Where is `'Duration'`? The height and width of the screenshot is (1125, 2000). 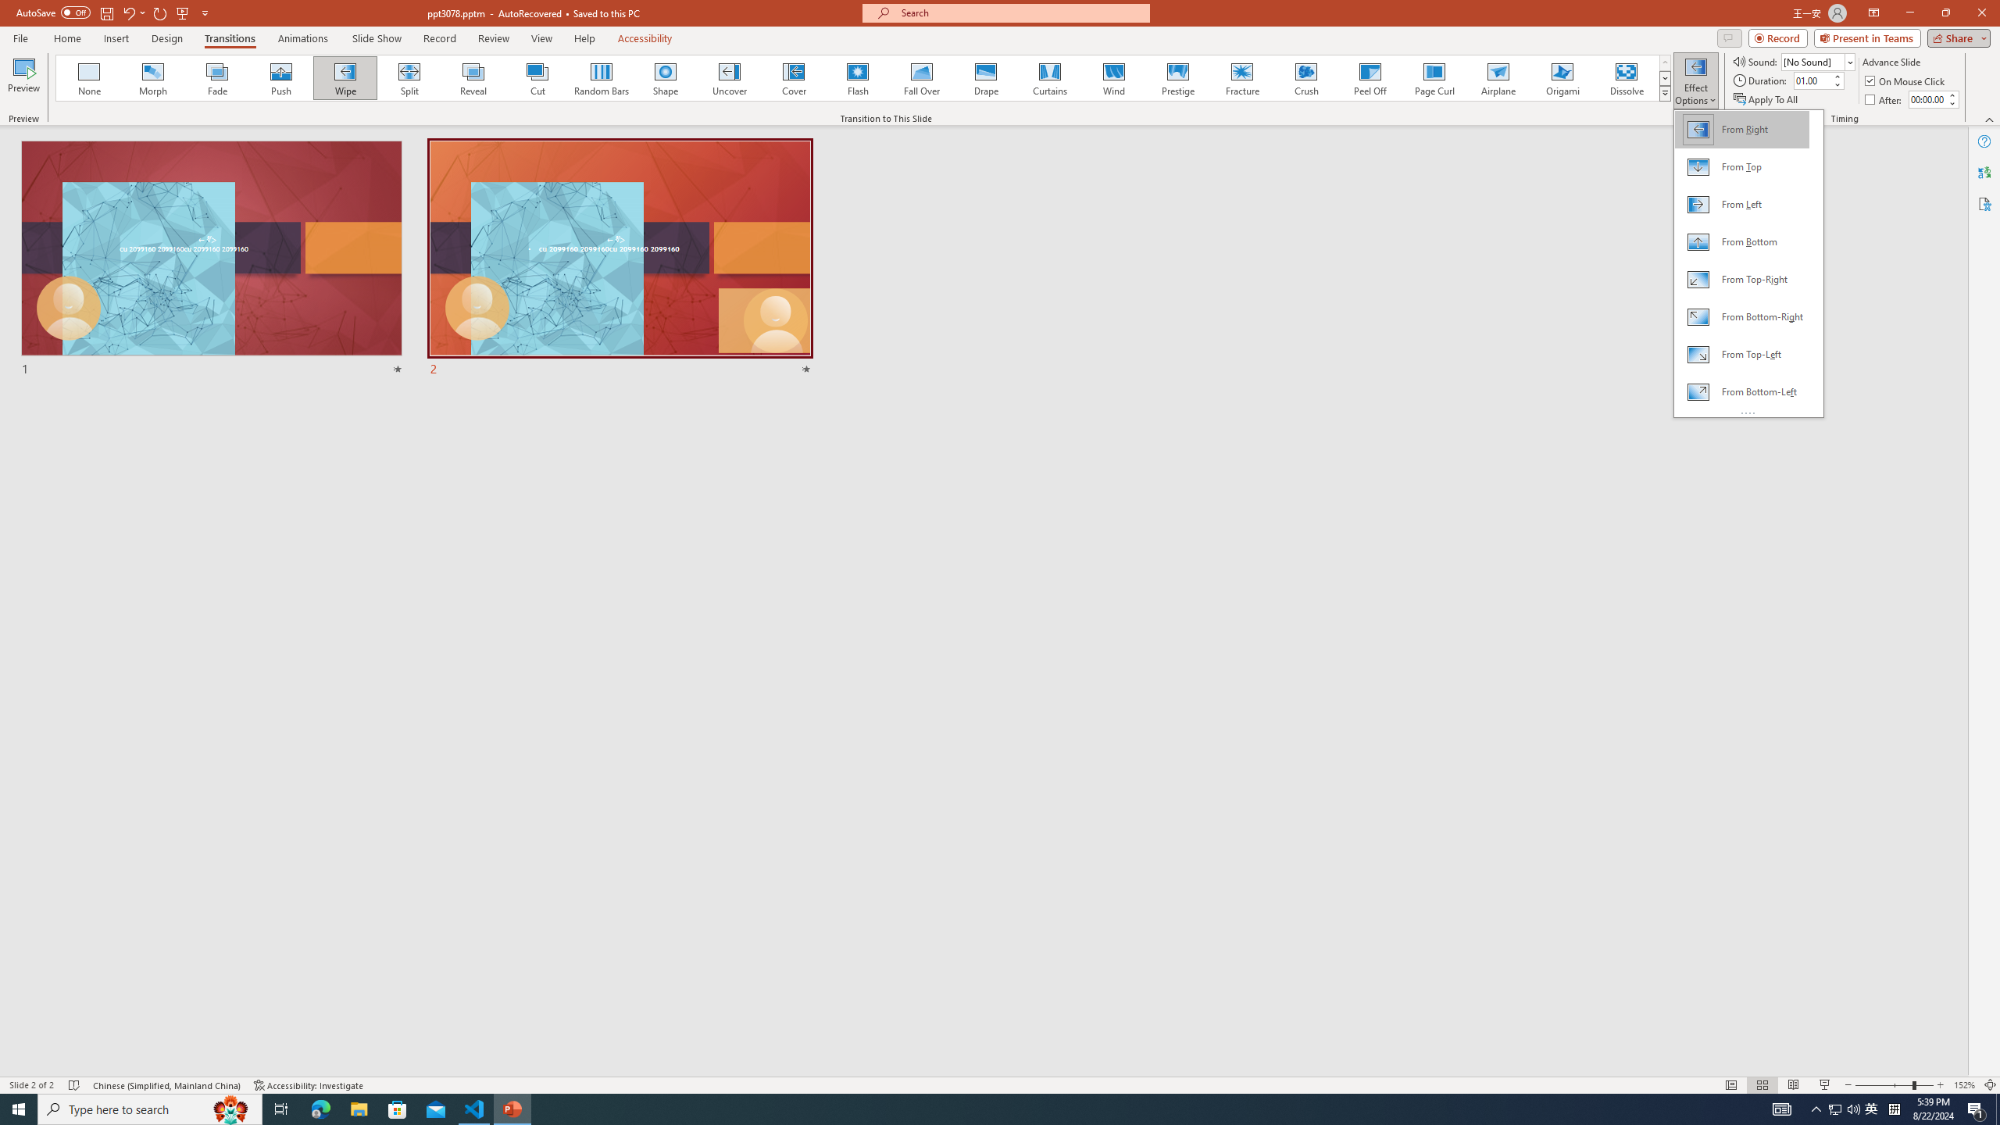 'Duration' is located at coordinates (1812, 80).